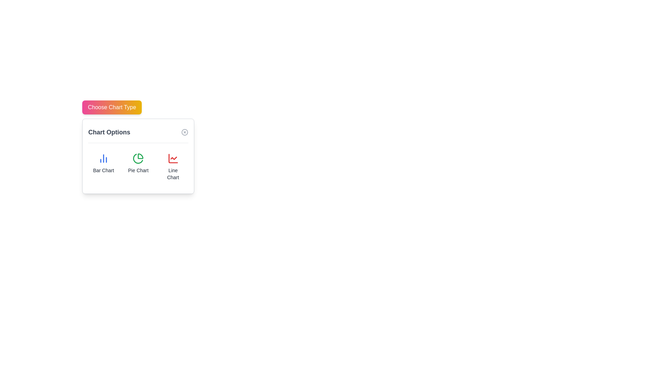  I want to click on the Text Label that serves as the title or header for the chart options section, which is centrally located in the header of the chart options panel, so click(109, 132).